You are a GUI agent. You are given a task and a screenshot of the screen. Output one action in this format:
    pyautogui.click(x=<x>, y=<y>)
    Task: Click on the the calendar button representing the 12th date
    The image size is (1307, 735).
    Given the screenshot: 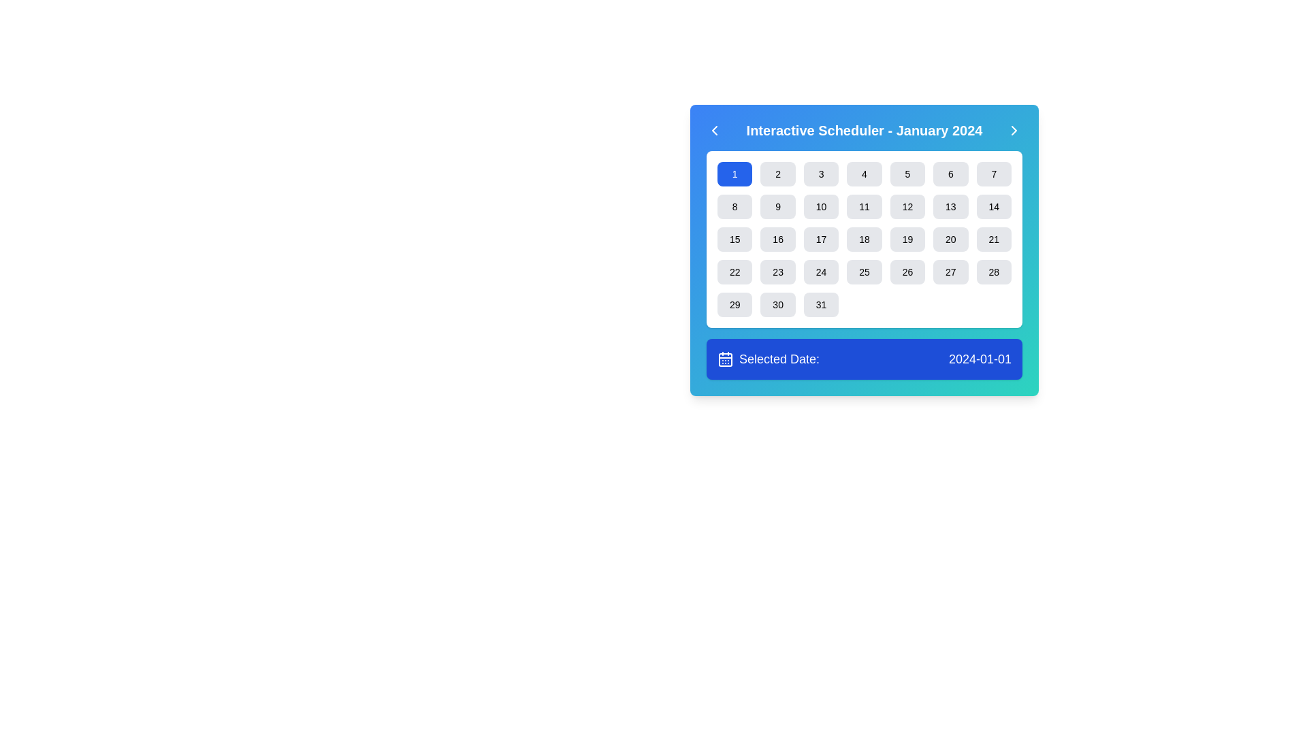 What is the action you would take?
    pyautogui.click(x=907, y=207)
    